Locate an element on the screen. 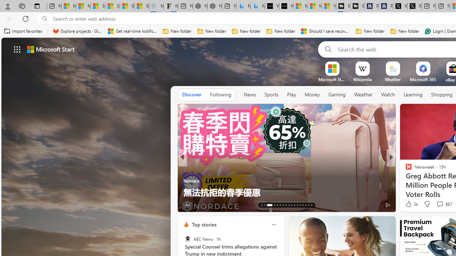  'View comments 85 Comment' is located at coordinates (441, 204).